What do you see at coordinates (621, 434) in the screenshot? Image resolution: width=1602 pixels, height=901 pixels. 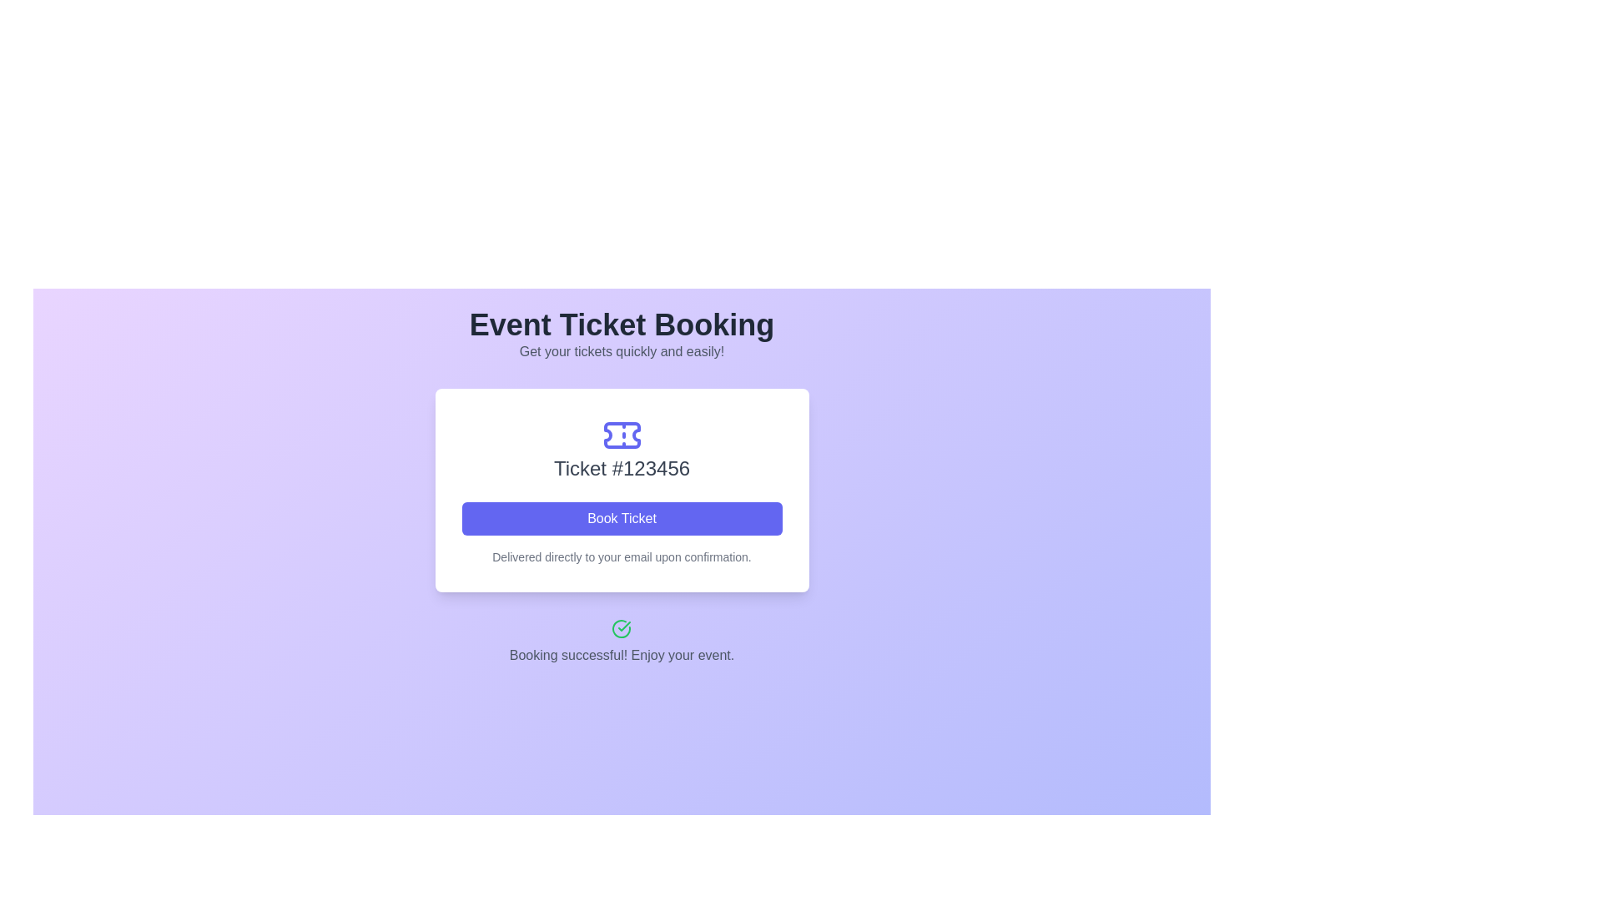 I see `the decorative ticket-like icon with scalloped edges and vivid blue color, located centrally above the text 'Ticket #123456'` at bounding box center [621, 434].